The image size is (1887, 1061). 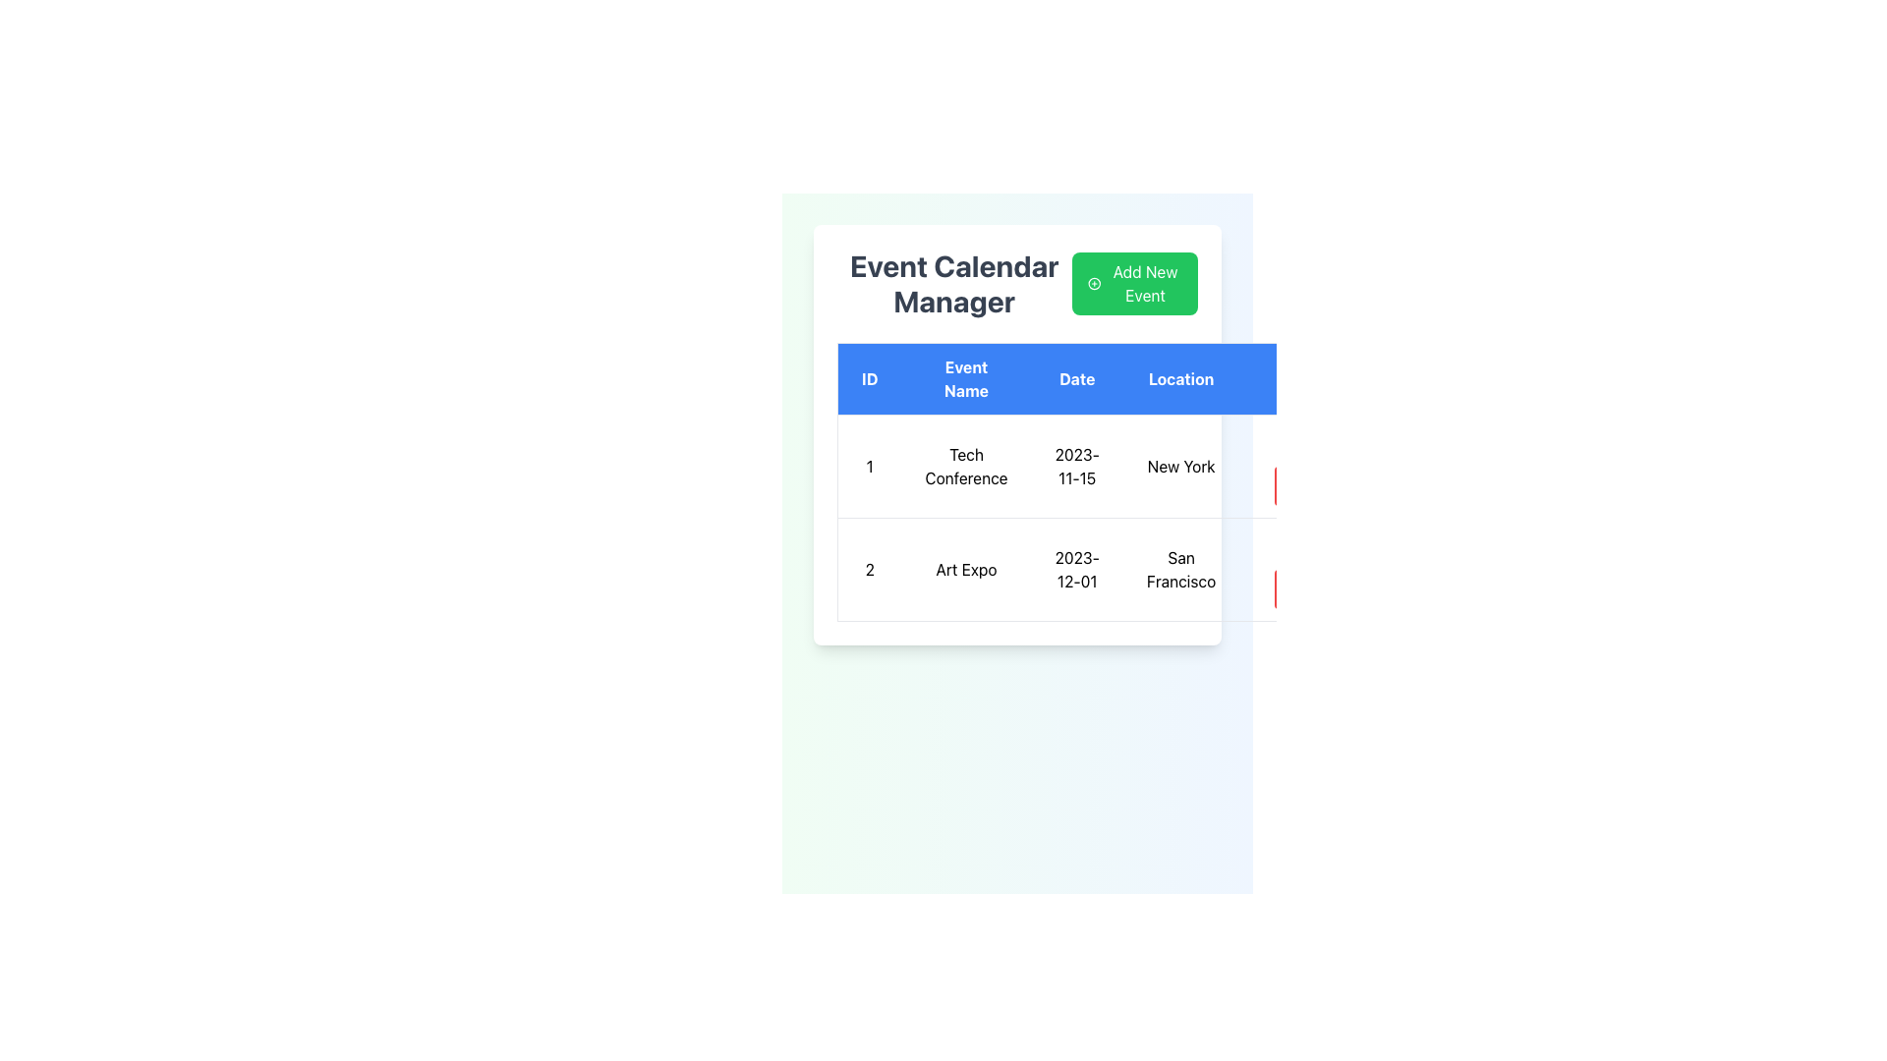 What do you see at coordinates (868, 466) in the screenshot?
I see `the static text element displaying the number '1', which is the first element in the ID column of the structured table` at bounding box center [868, 466].